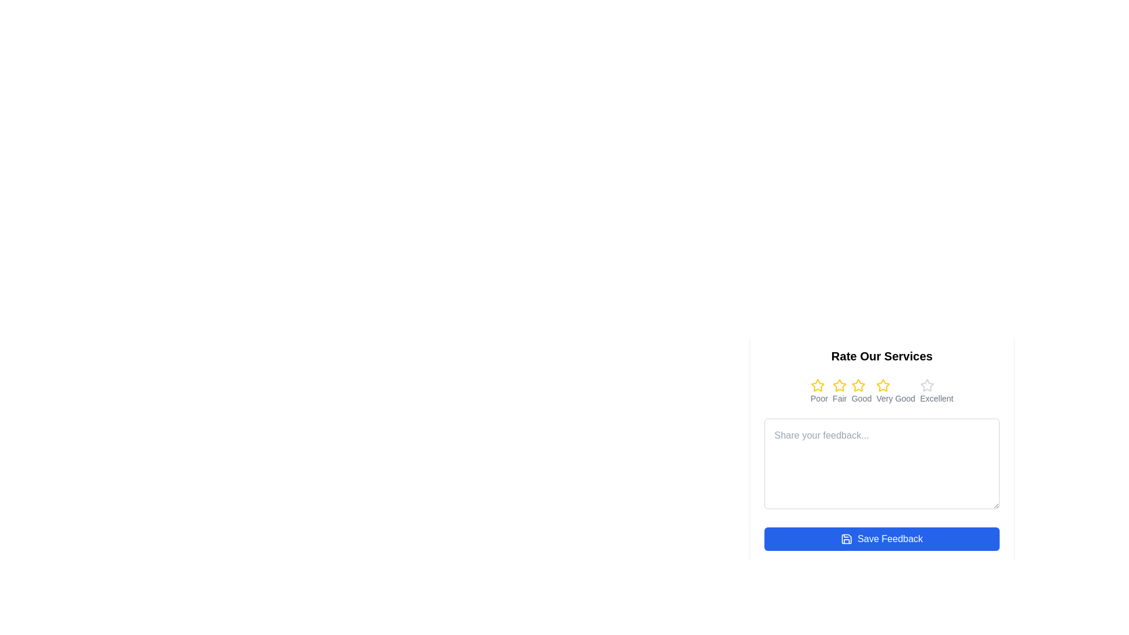 This screenshot has width=1129, height=635. Describe the element at coordinates (817, 385) in the screenshot. I see `the yellow star icon indicating the first star in the rating scale` at that location.